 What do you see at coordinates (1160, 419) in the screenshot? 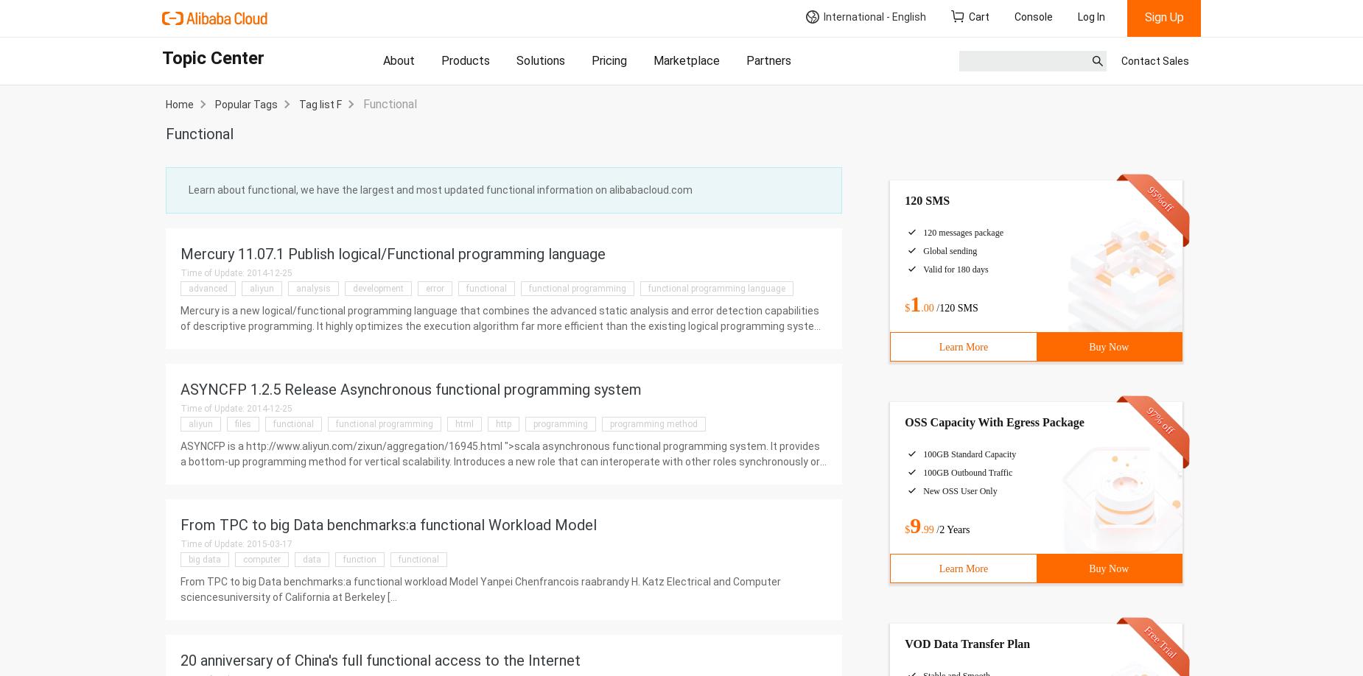
I see `'97% off'` at bounding box center [1160, 419].